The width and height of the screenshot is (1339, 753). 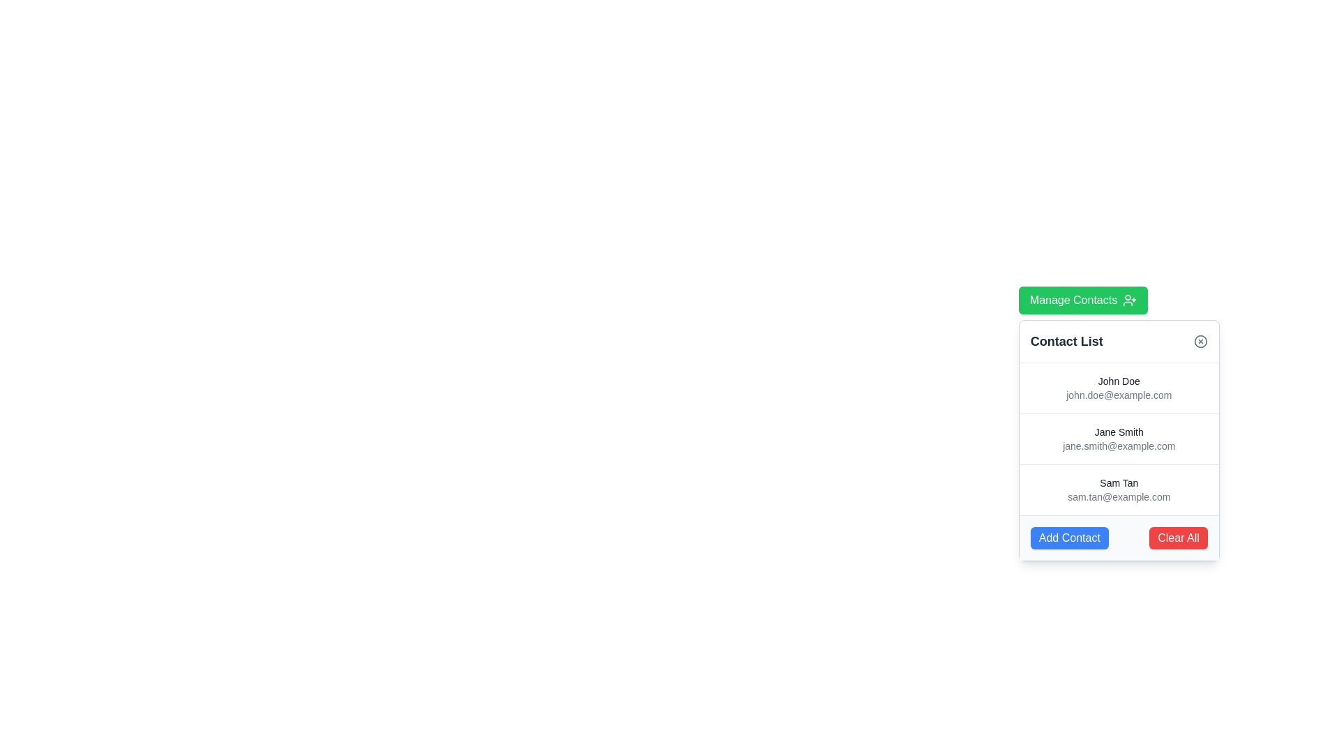 What do you see at coordinates (1082, 300) in the screenshot?
I see `the contact management button located at the top of the contact interface, which is the leftmost element above the 'Contact List' title` at bounding box center [1082, 300].